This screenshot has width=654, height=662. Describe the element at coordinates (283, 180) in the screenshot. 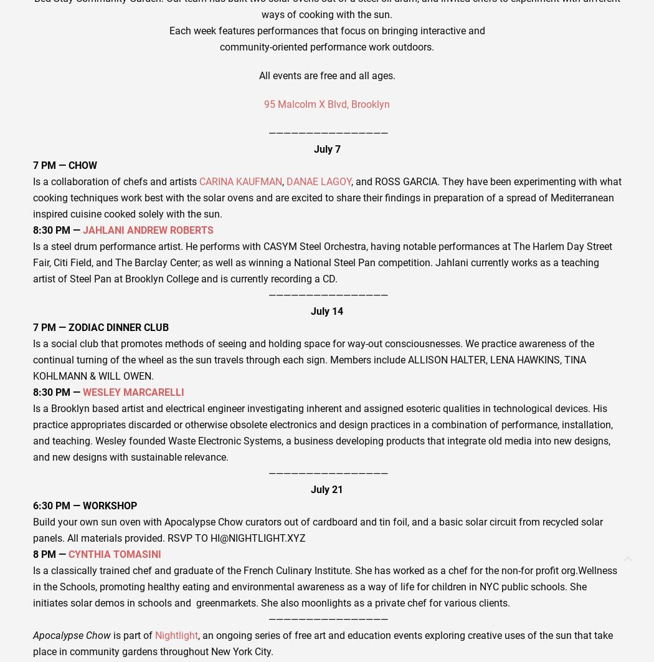

I see `','` at that location.